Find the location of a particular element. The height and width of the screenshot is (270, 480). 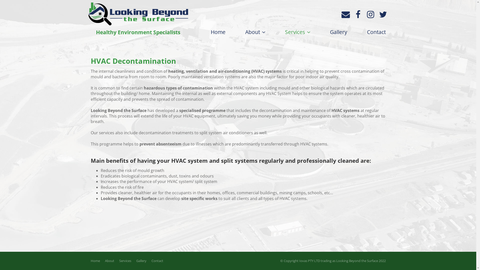

'Services' is located at coordinates (297, 32).